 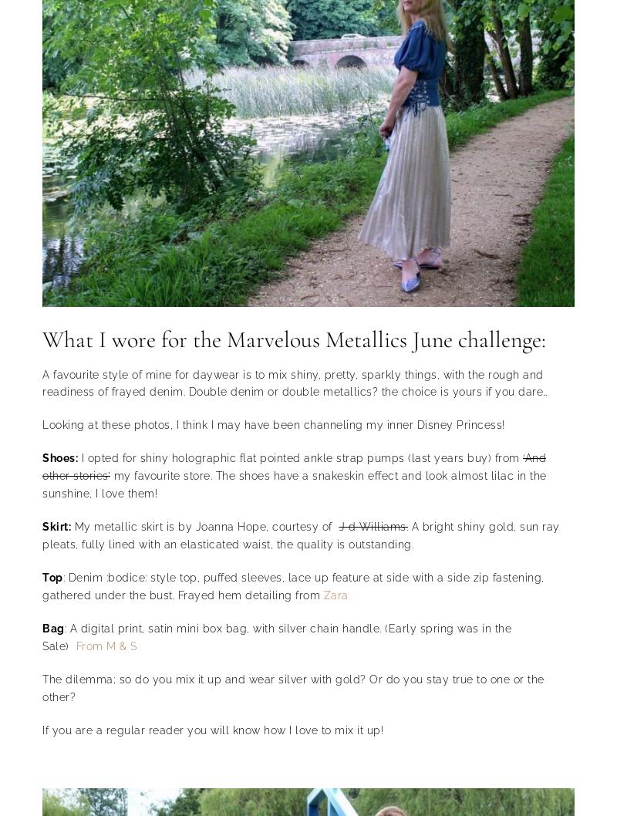 What do you see at coordinates (42, 585) in the screenshot?
I see `': Denim :bodice: style top, puffed sleeves, lace up feature at side with a side zip fastening, gathered under the bust. Frayed hem detailing from'` at bounding box center [42, 585].